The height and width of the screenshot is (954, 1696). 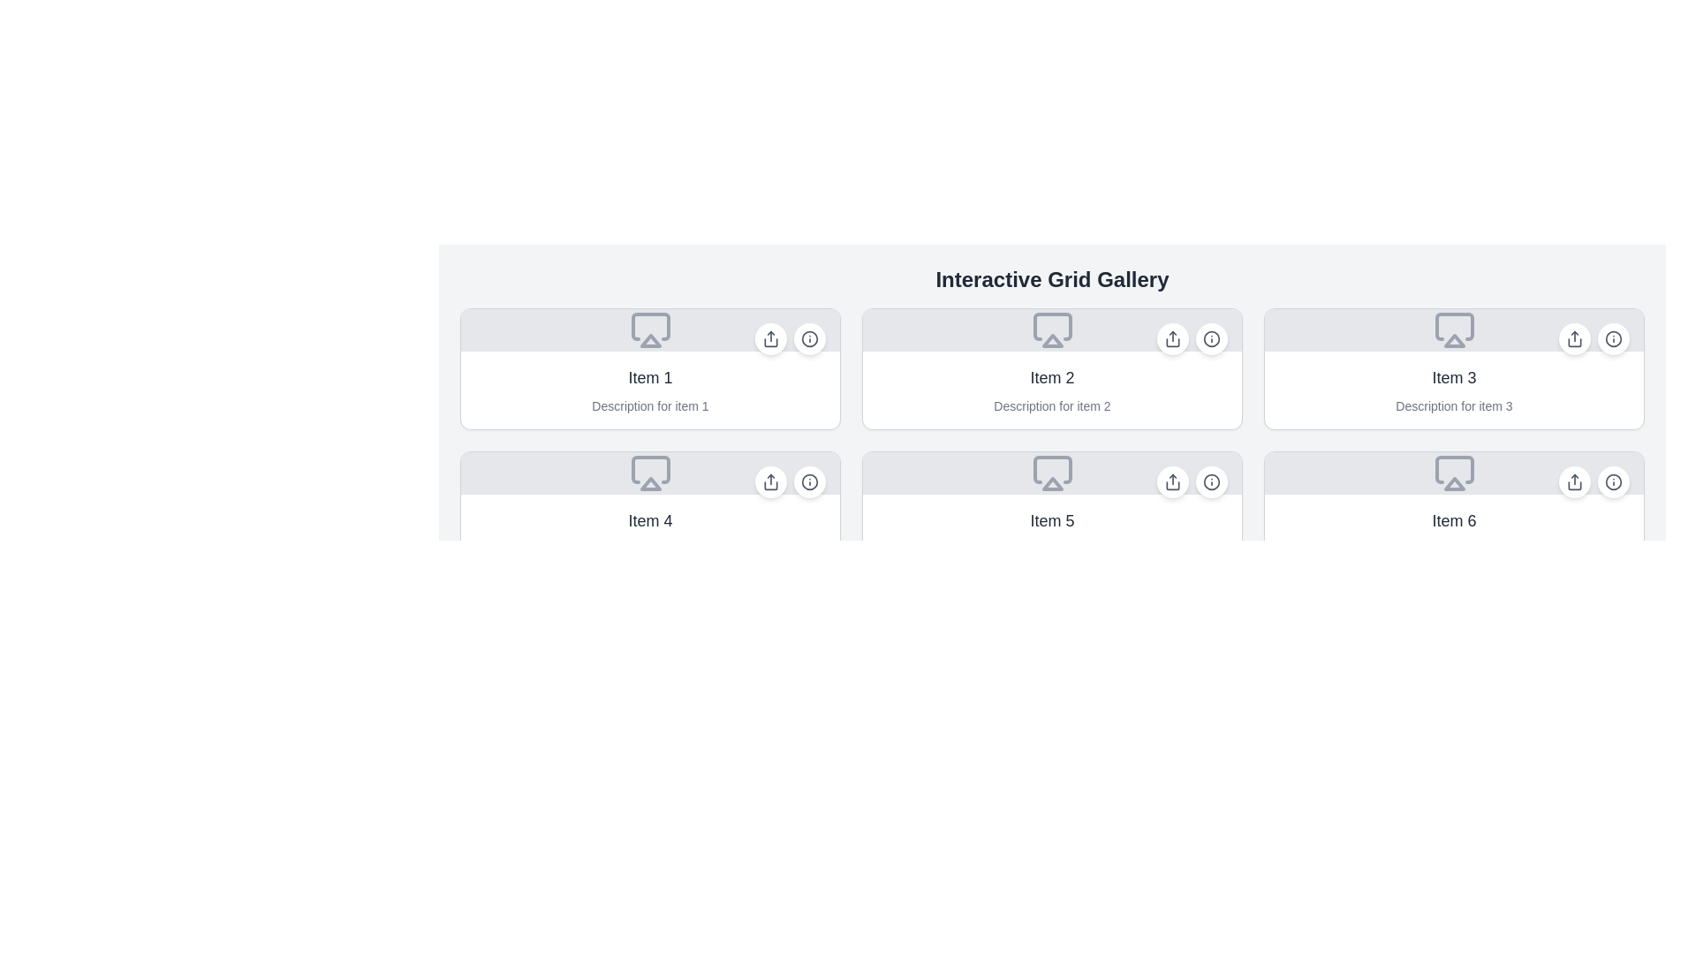 I want to click on the information button located in the top-right corner of the grid section for the second item in the first row, so click(x=1211, y=339).